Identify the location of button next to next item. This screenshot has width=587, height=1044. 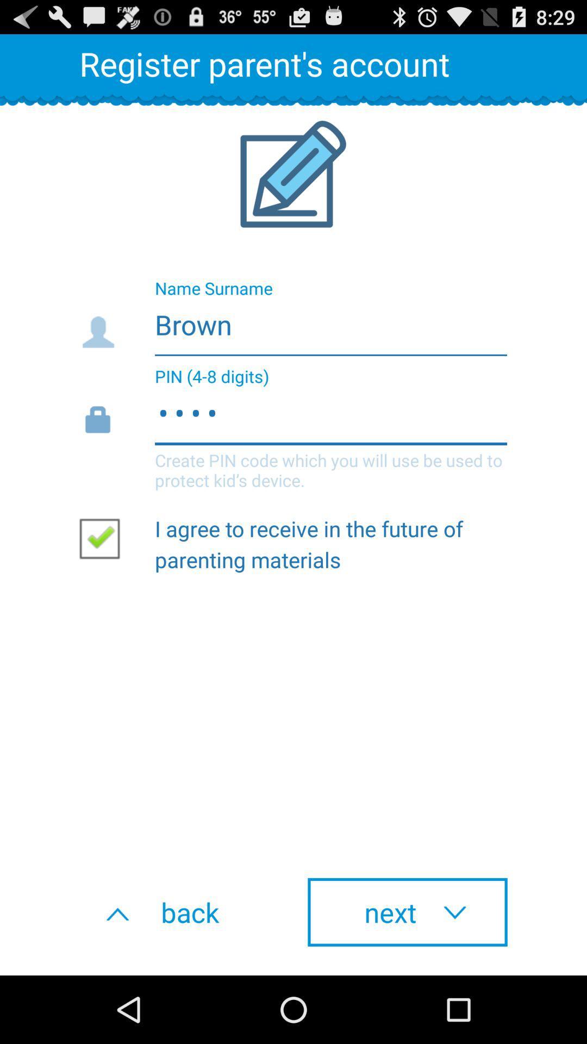
(179, 912).